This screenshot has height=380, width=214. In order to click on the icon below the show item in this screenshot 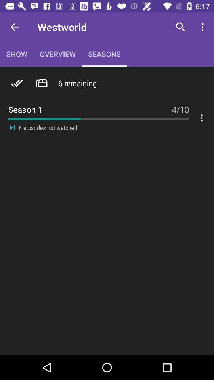, I will do `click(17, 83)`.